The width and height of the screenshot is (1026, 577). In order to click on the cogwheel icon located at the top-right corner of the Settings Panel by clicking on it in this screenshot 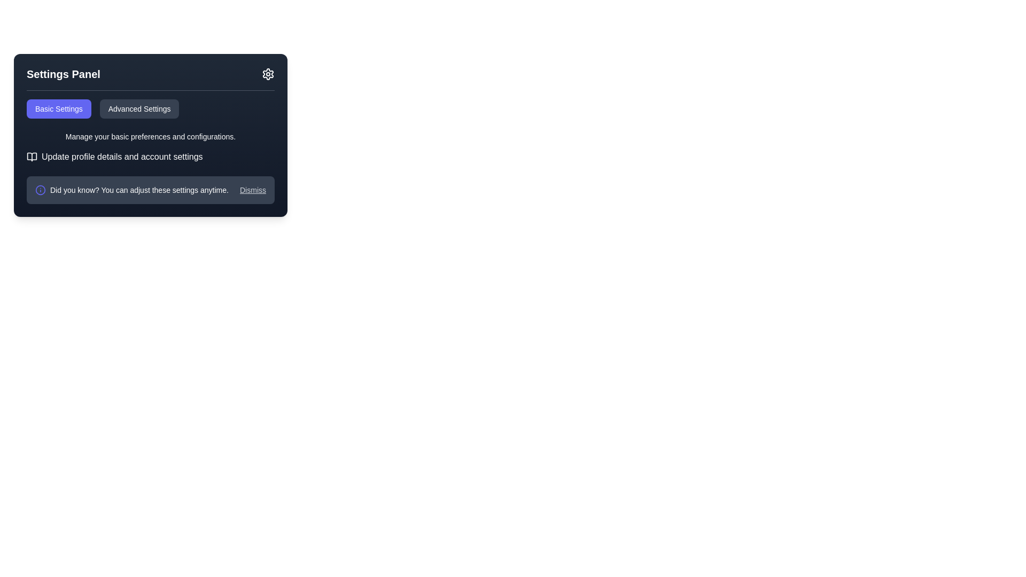, I will do `click(268, 73)`.